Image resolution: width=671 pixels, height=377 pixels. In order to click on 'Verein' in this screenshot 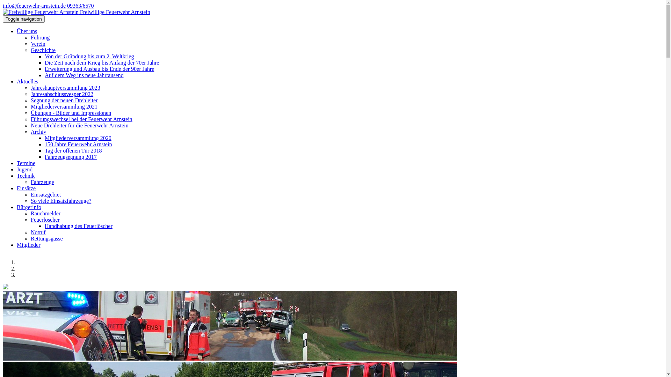, I will do `click(38, 44)`.